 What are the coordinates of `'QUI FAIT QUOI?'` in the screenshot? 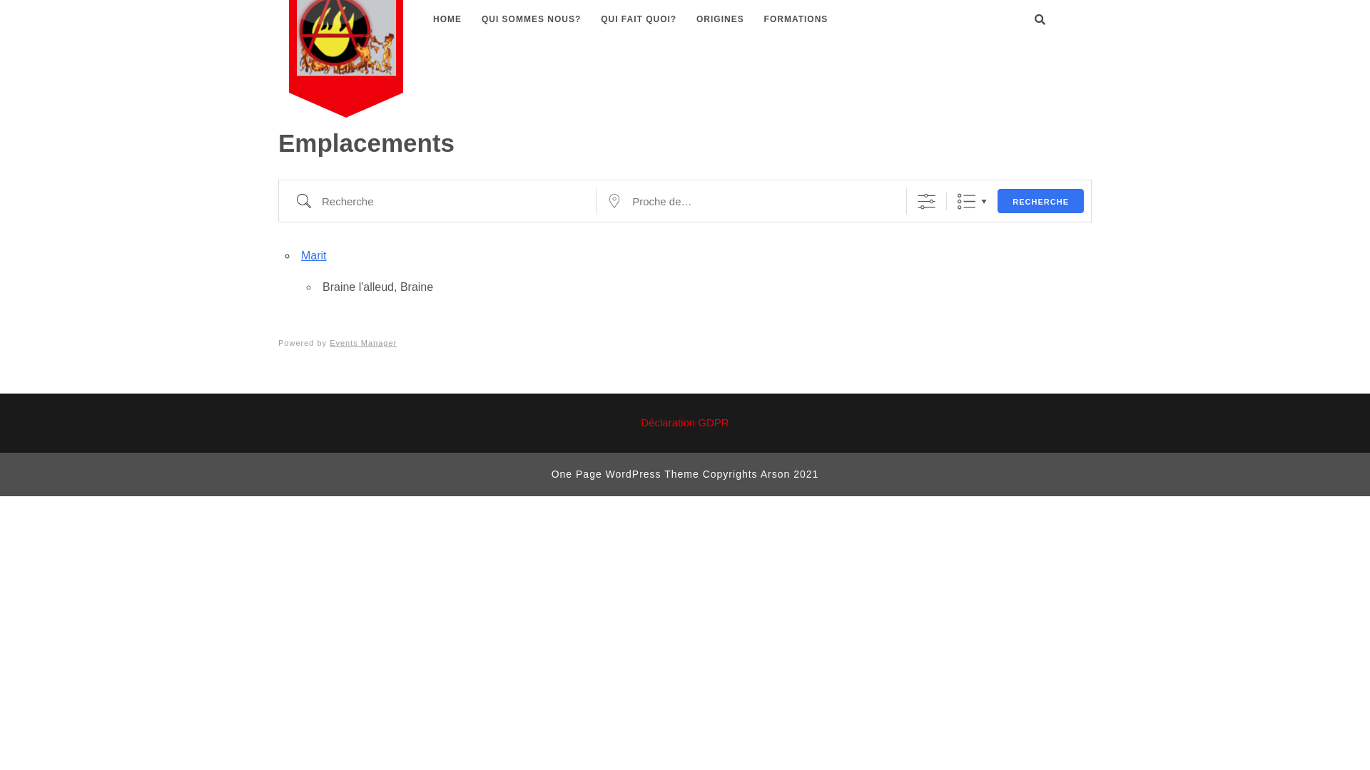 It's located at (637, 19).